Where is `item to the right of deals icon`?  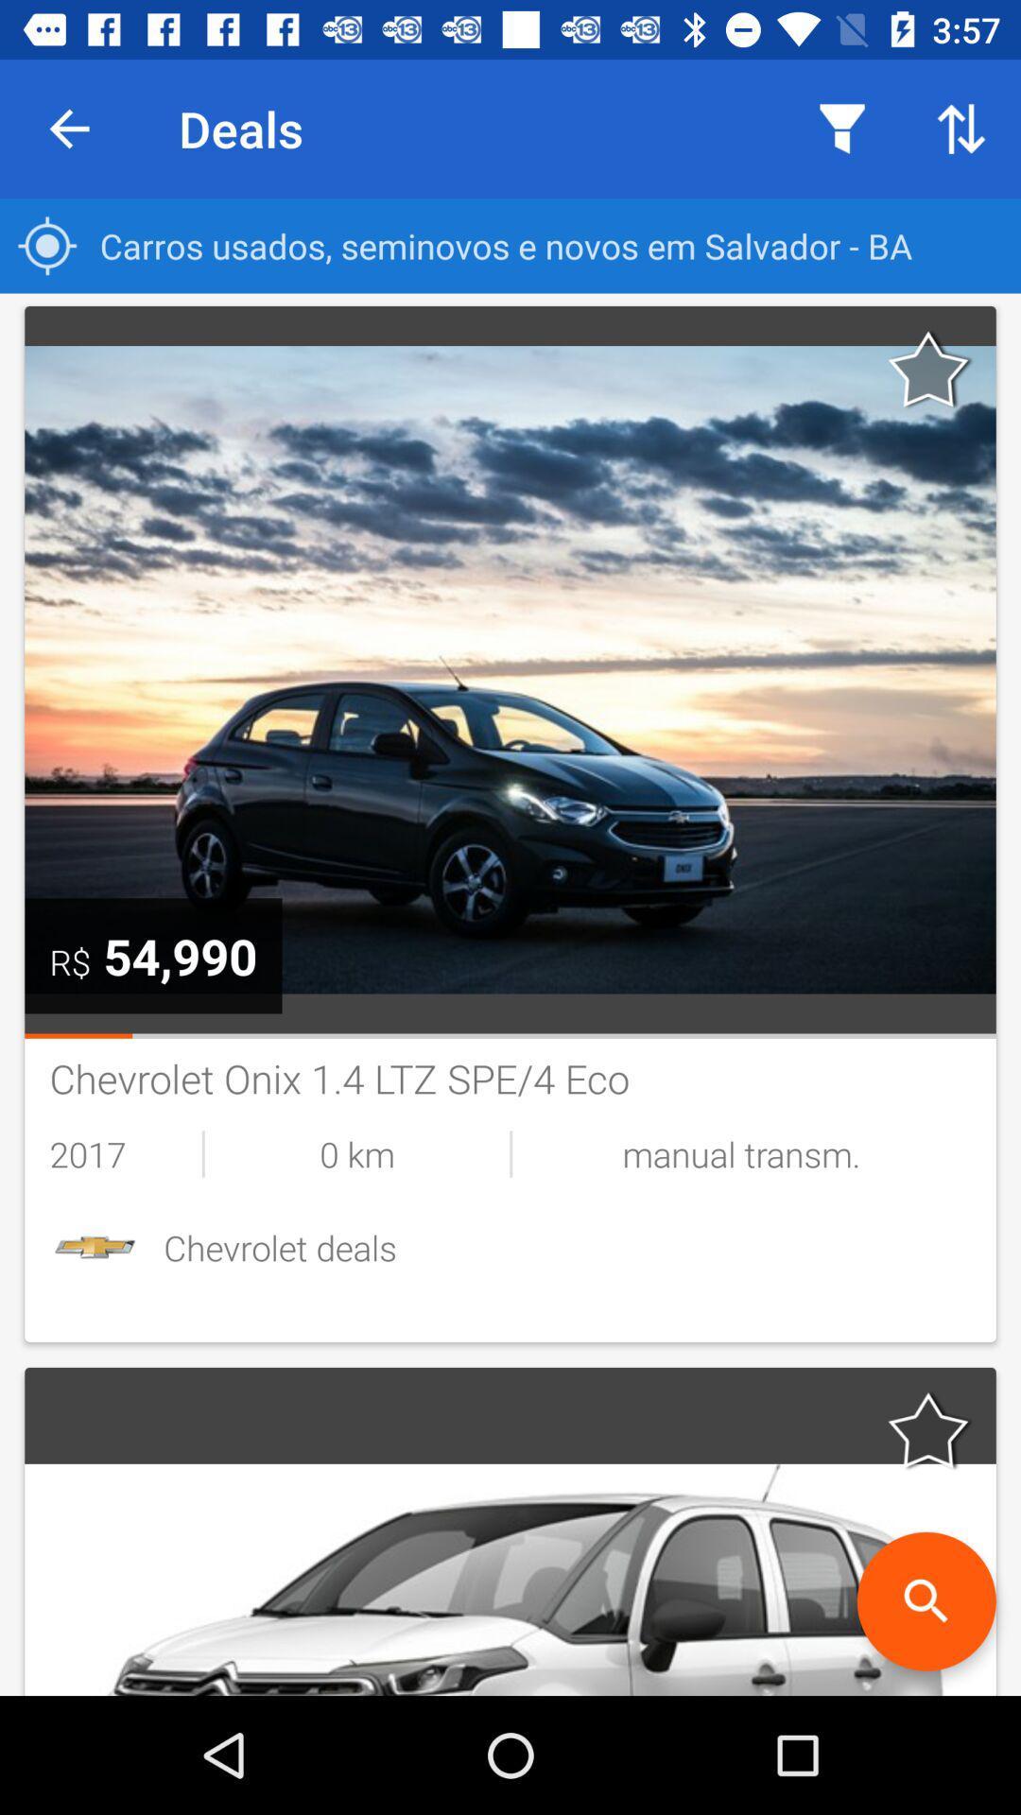
item to the right of deals icon is located at coordinates (841, 128).